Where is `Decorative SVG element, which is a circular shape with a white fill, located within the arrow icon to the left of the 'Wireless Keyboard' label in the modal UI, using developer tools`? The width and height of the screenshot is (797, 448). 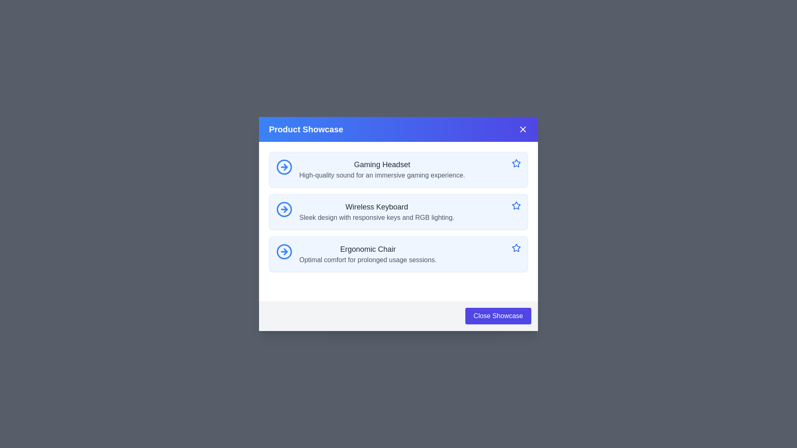 Decorative SVG element, which is a circular shape with a white fill, located within the arrow icon to the left of the 'Wireless Keyboard' label in the modal UI, using developer tools is located at coordinates (284, 209).